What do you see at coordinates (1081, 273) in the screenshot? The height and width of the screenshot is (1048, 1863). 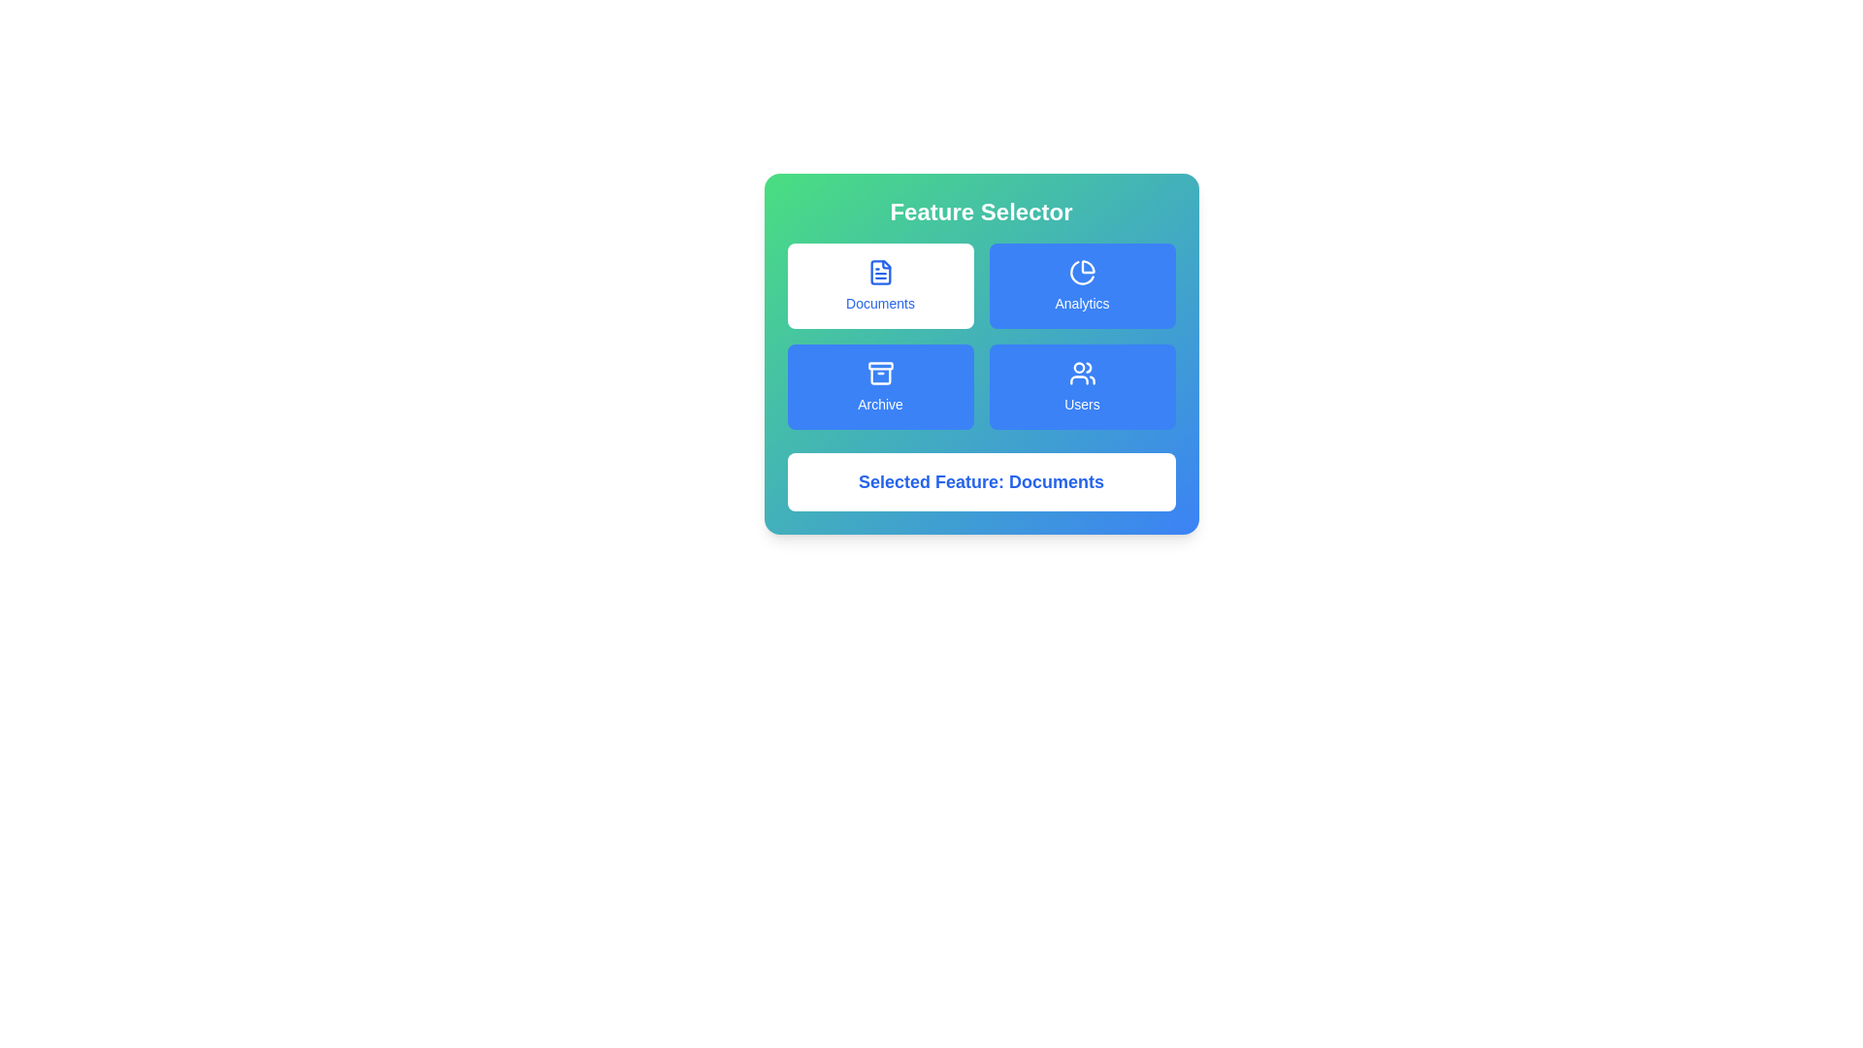 I see `the pie chart icon styled in a minimalistic fashion, located in the top-right quadrant of the 'Feature Selector' interface, representing the 'Analytics' option` at bounding box center [1081, 273].